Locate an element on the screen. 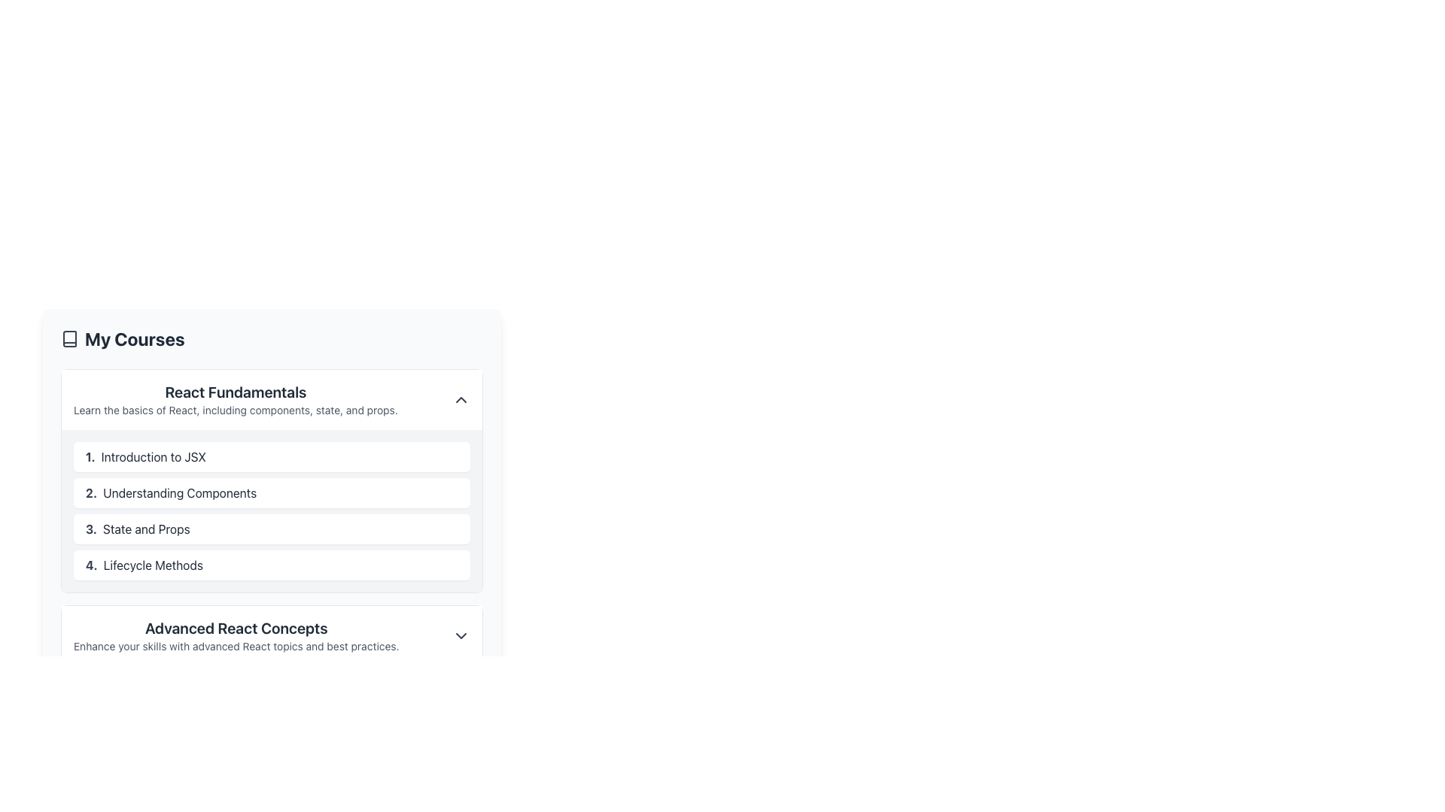 This screenshot has width=1445, height=812. the Dropdown Header for the 'React Fundamentals' course section is located at coordinates (272, 399).